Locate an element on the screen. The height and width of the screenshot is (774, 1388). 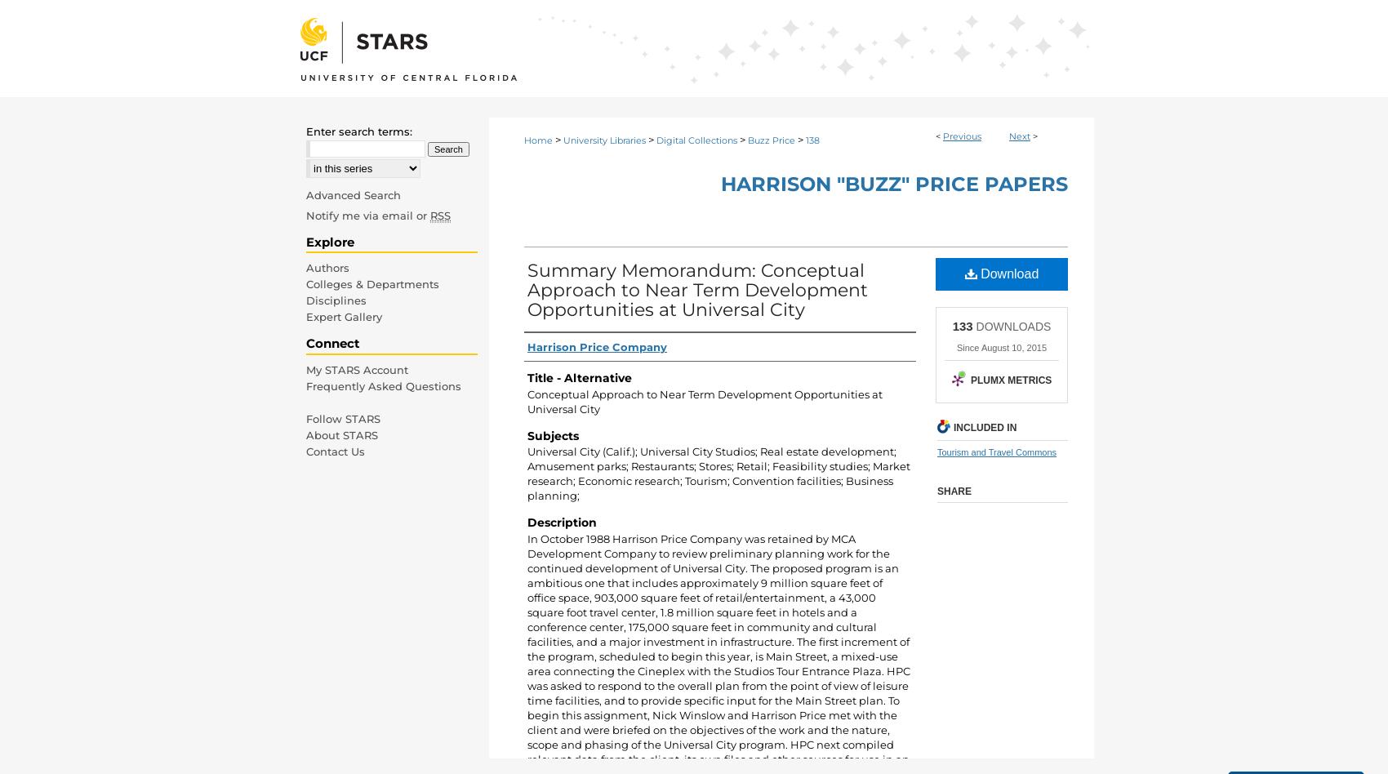
'Authors' is located at coordinates (327, 268).